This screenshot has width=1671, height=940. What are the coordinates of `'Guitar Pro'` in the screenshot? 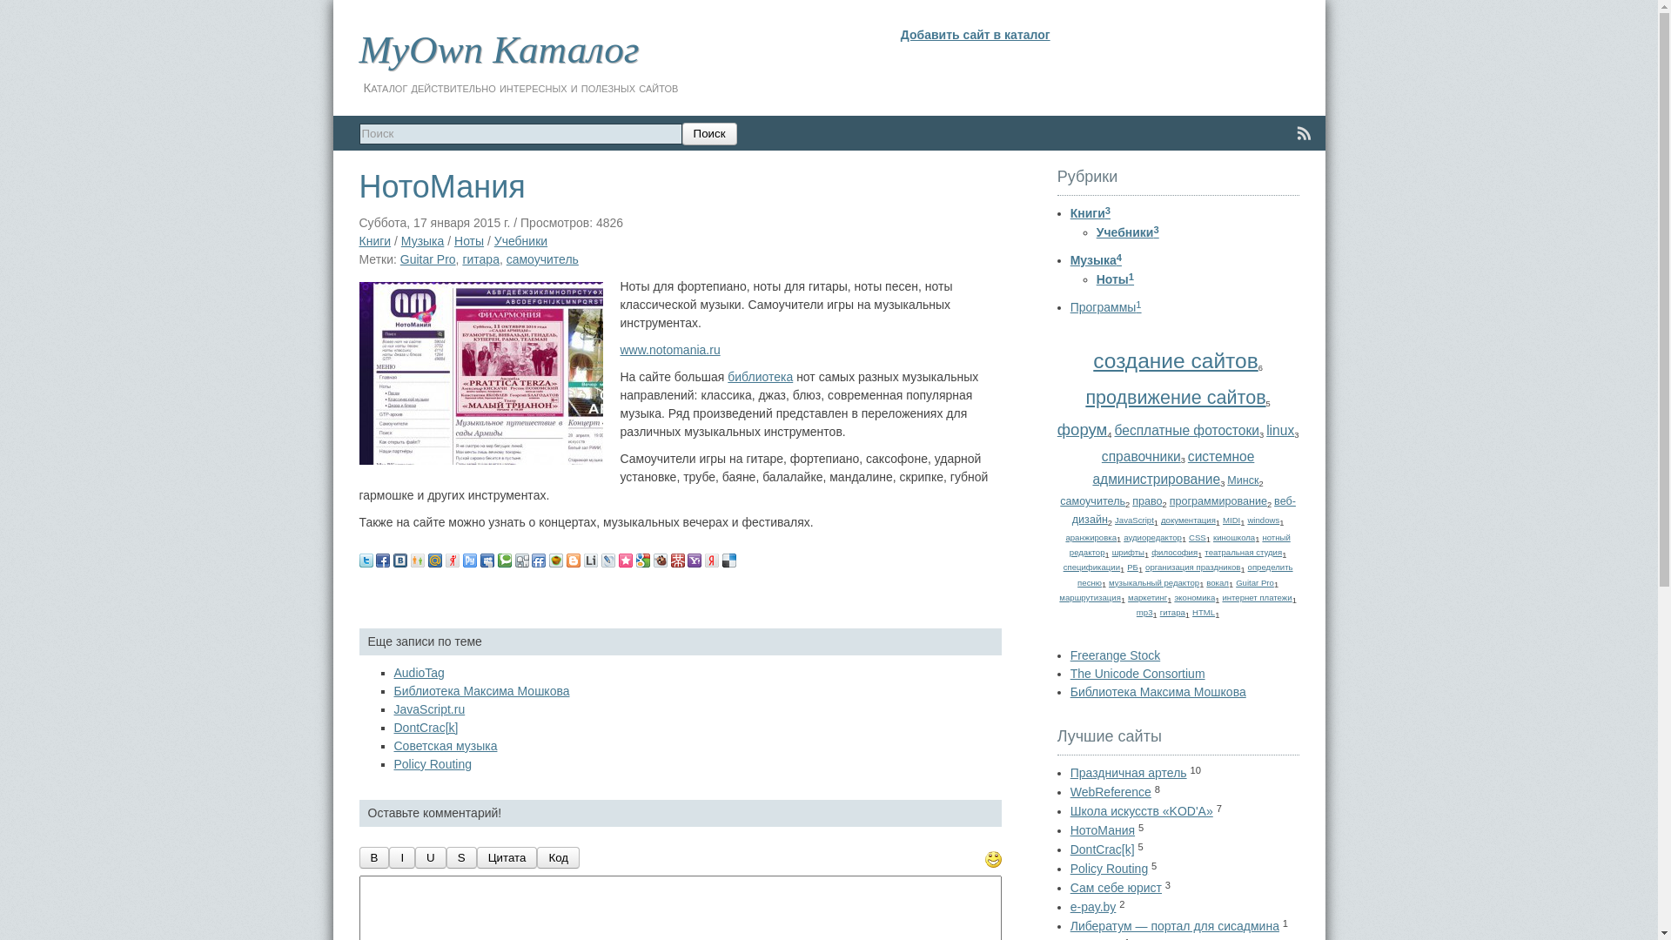 It's located at (427, 258).